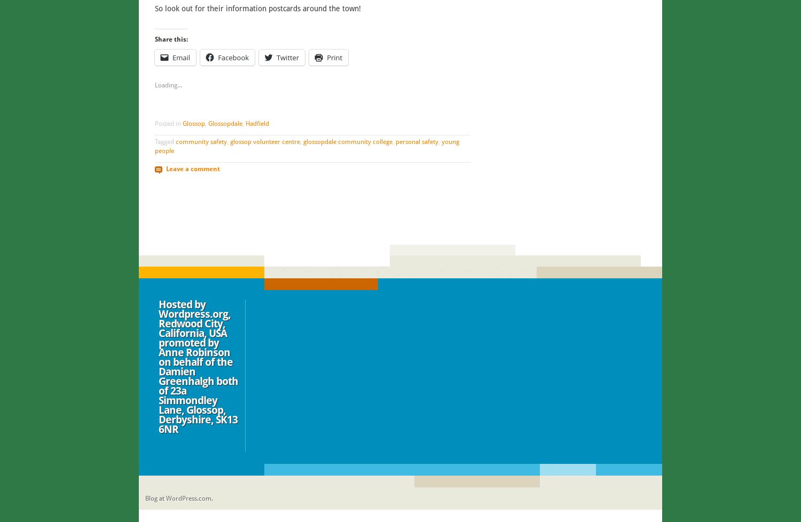 The height and width of the screenshot is (522, 801). What do you see at coordinates (192, 168) in the screenshot?
I see `'Leave a comment'` at bounding box center [192, 168].